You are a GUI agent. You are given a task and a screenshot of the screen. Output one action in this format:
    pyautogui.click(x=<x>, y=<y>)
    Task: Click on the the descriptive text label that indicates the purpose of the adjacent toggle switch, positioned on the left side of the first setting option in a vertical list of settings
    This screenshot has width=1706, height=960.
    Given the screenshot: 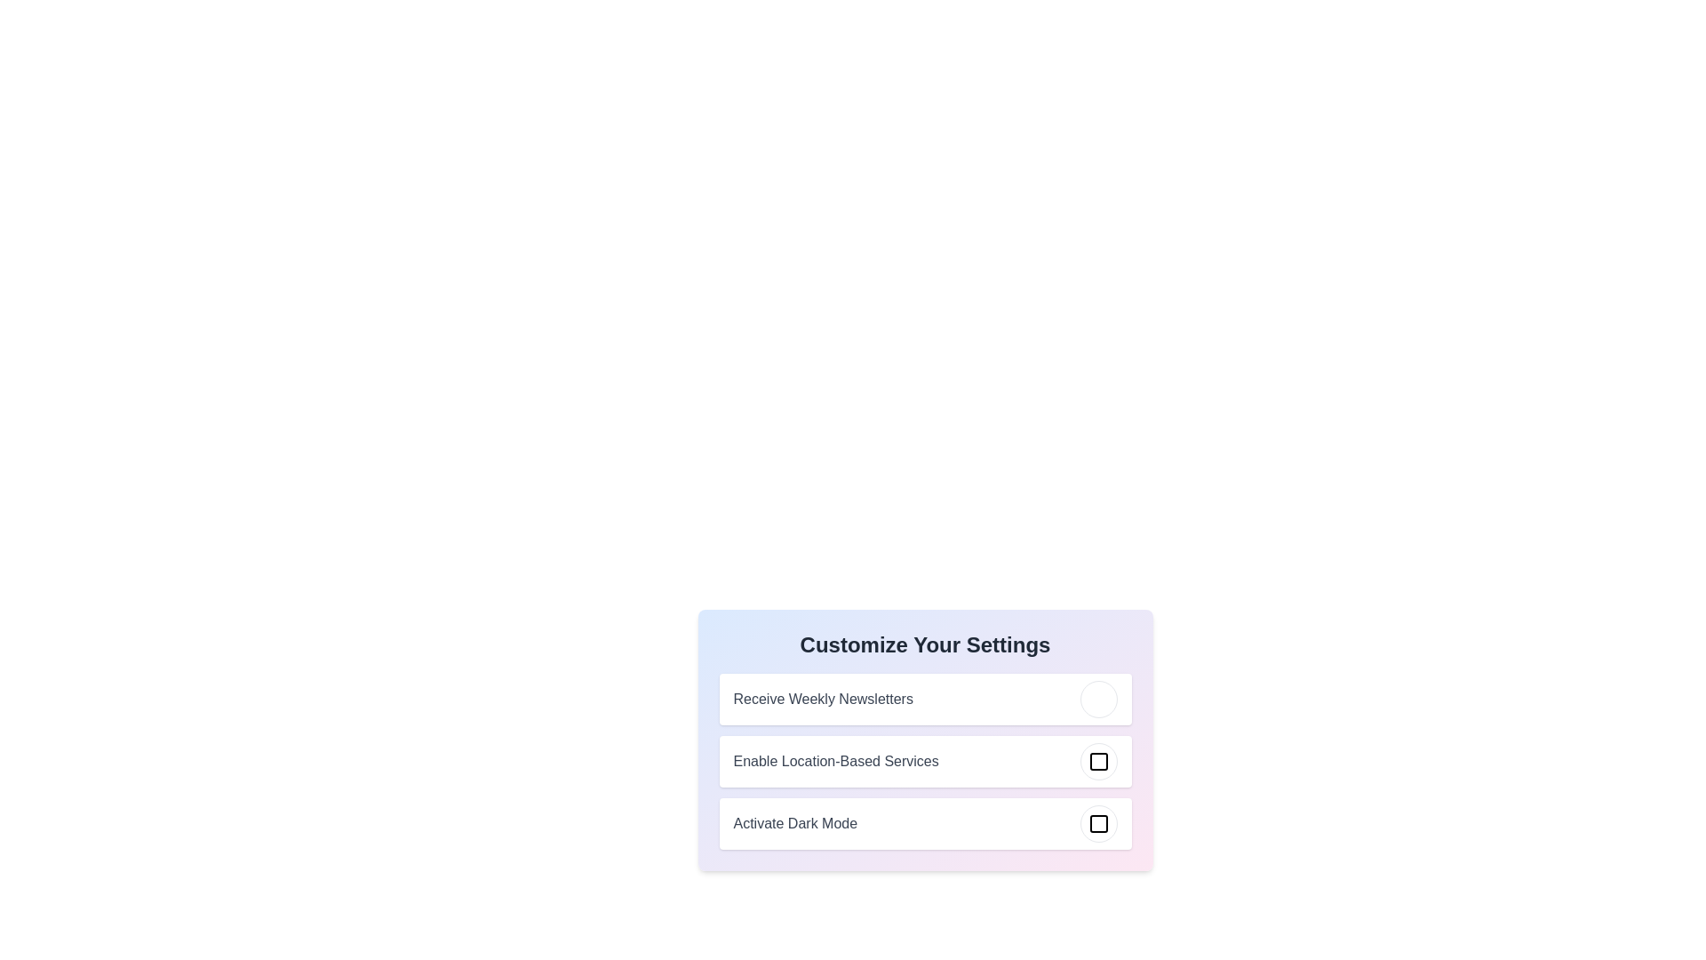 What is the action you would take?
    pyautogui.click(x=822, y=698)
    